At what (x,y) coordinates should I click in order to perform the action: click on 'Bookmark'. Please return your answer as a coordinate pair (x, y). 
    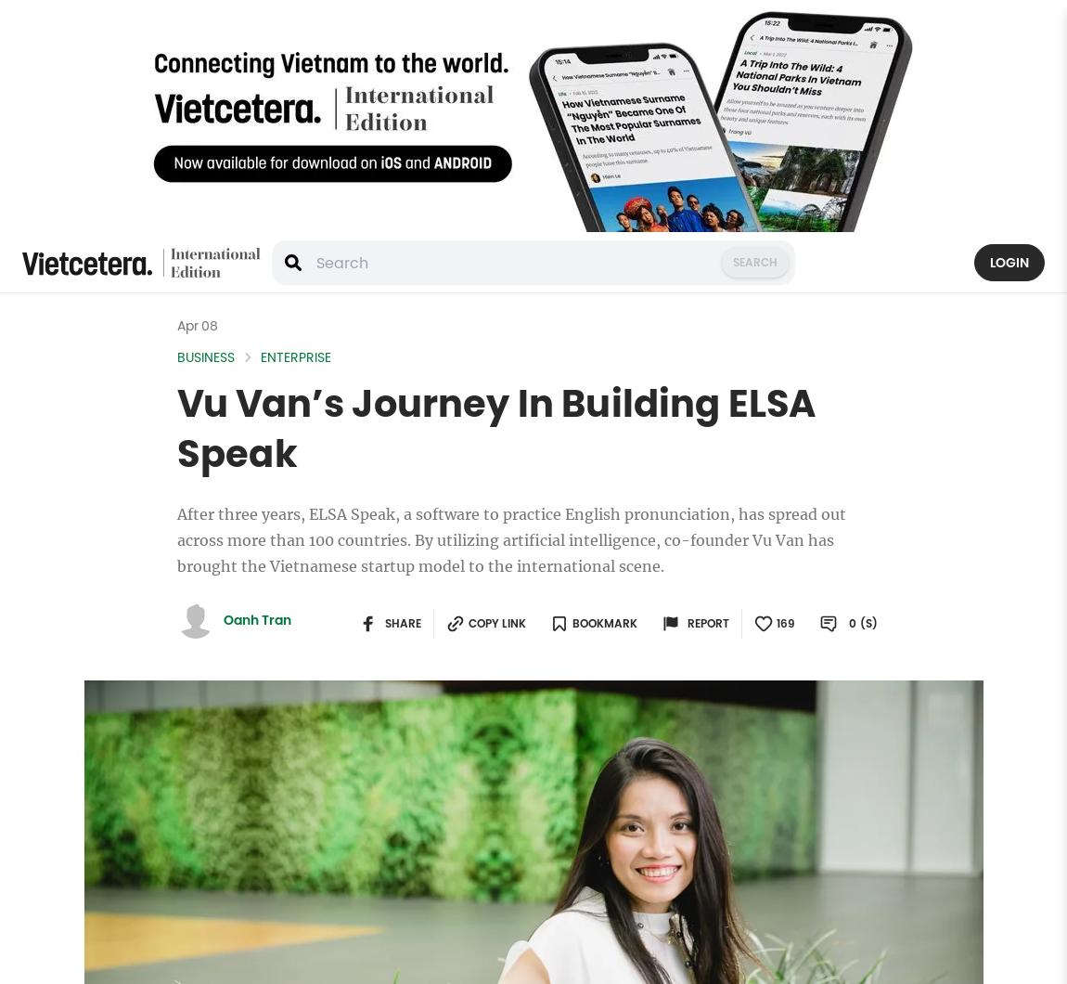
    Looking at the image, I should click on (604, 623).